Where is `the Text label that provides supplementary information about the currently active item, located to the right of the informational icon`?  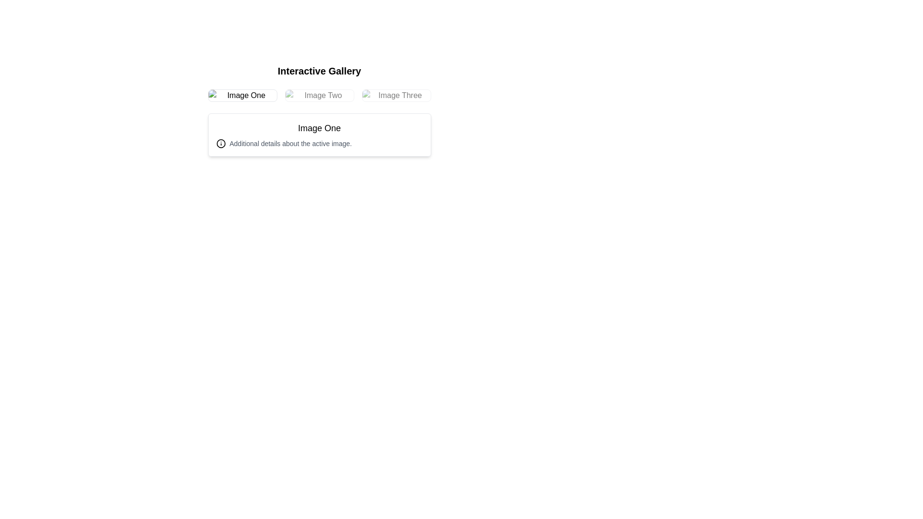
the Text label that provides supplementary information about the currently active item, located to the right of the informational icon is located at coordinates (290, 144).